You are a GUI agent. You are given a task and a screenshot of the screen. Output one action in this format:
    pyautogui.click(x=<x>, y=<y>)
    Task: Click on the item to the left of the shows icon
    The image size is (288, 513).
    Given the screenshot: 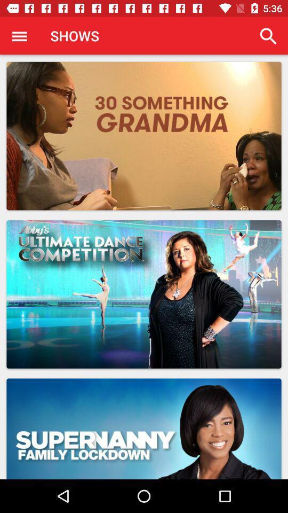 What is the action you would take?
    pyautogui.click(x=19, y=36)
    